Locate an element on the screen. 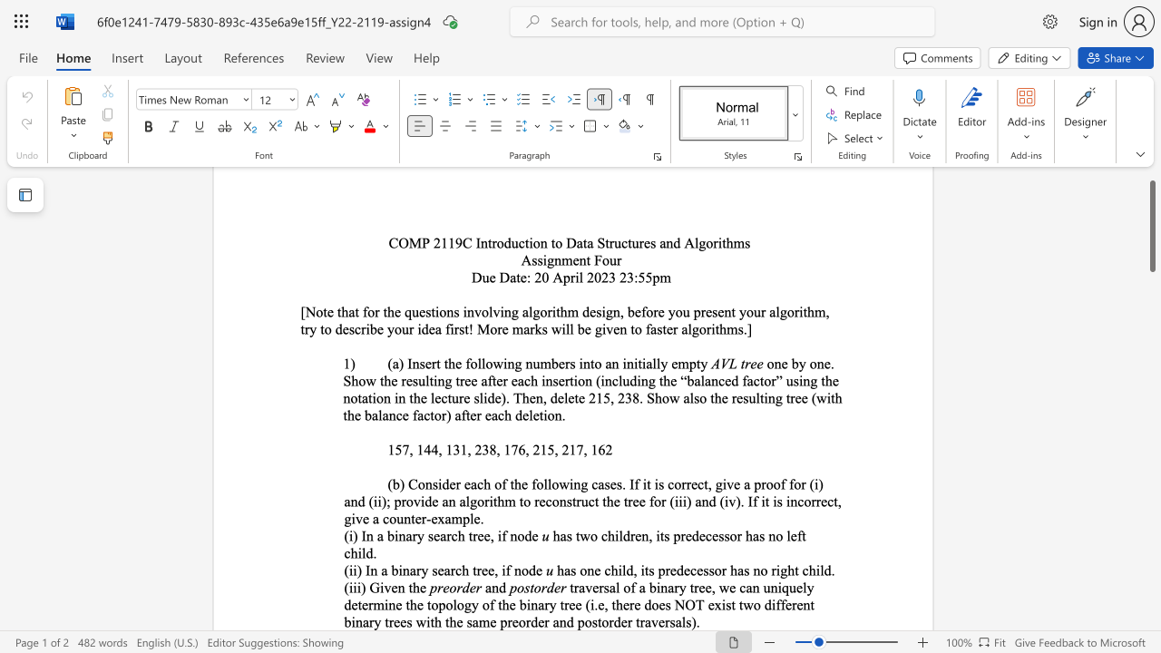  the 6th character "s" in the text is located at coordinates (594, 621).